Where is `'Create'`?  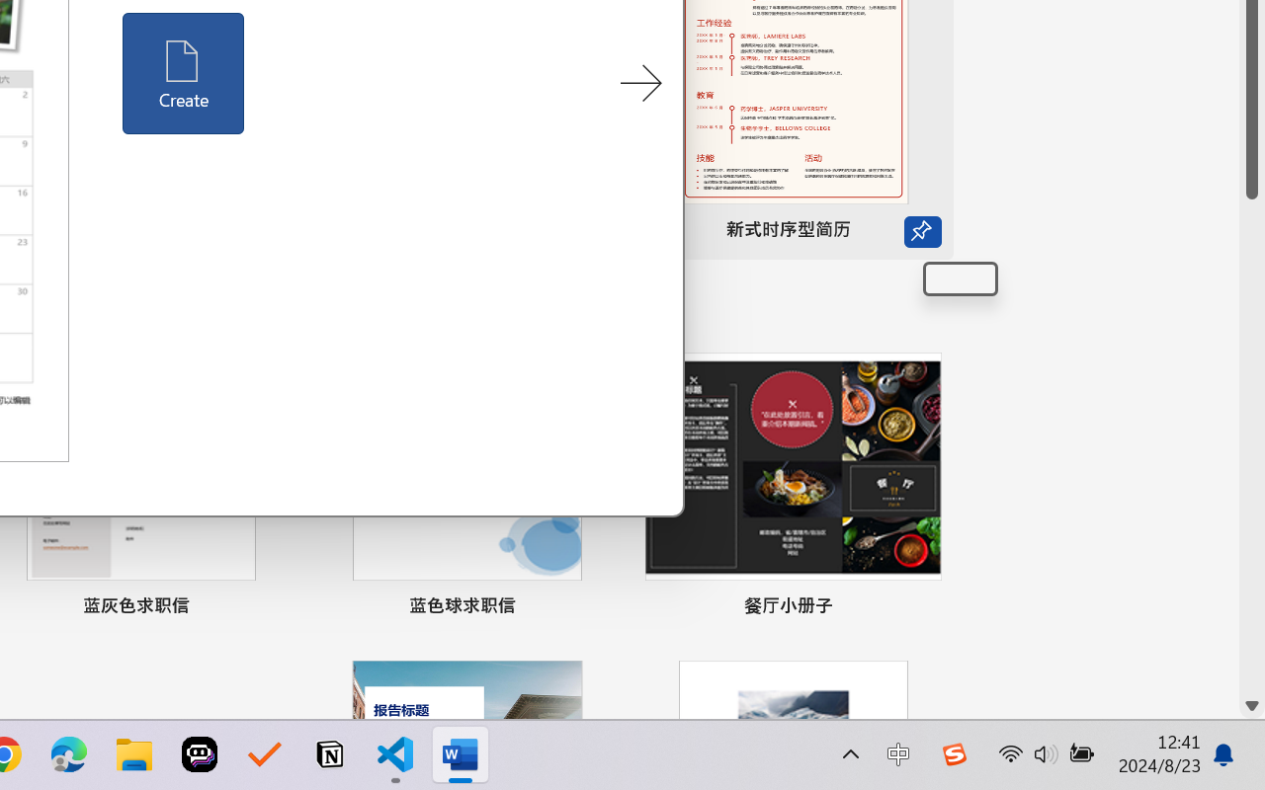
'Create' is located at coordinates (183, 73).